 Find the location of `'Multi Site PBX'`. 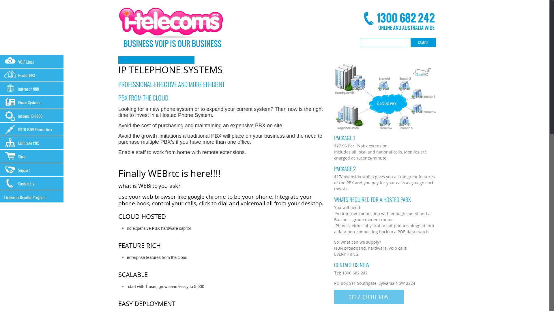

'Multi Site PBX' is located at coordinates (31, 143).